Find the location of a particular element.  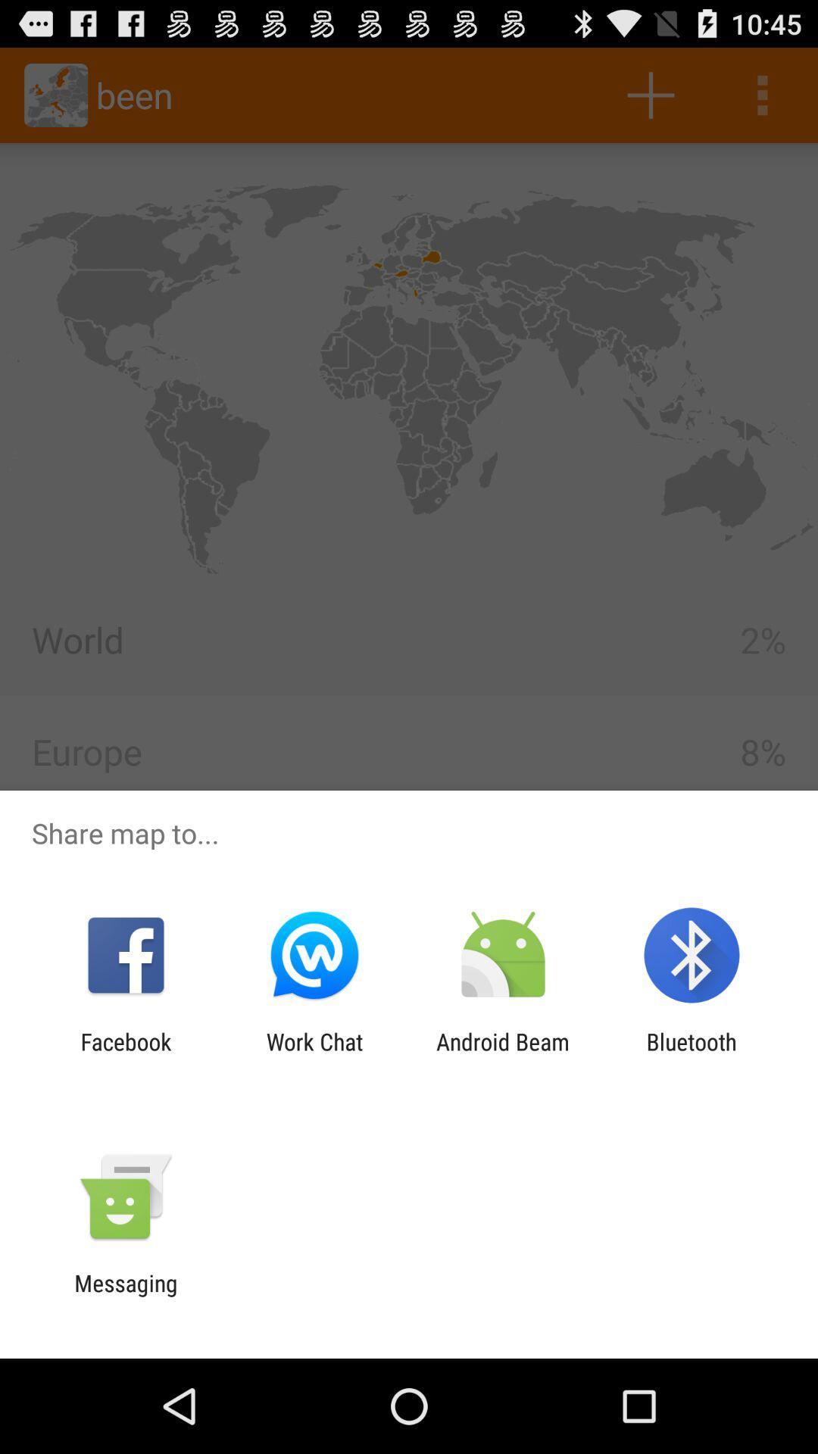

android beam icon is located at coordinates (503, 1054).